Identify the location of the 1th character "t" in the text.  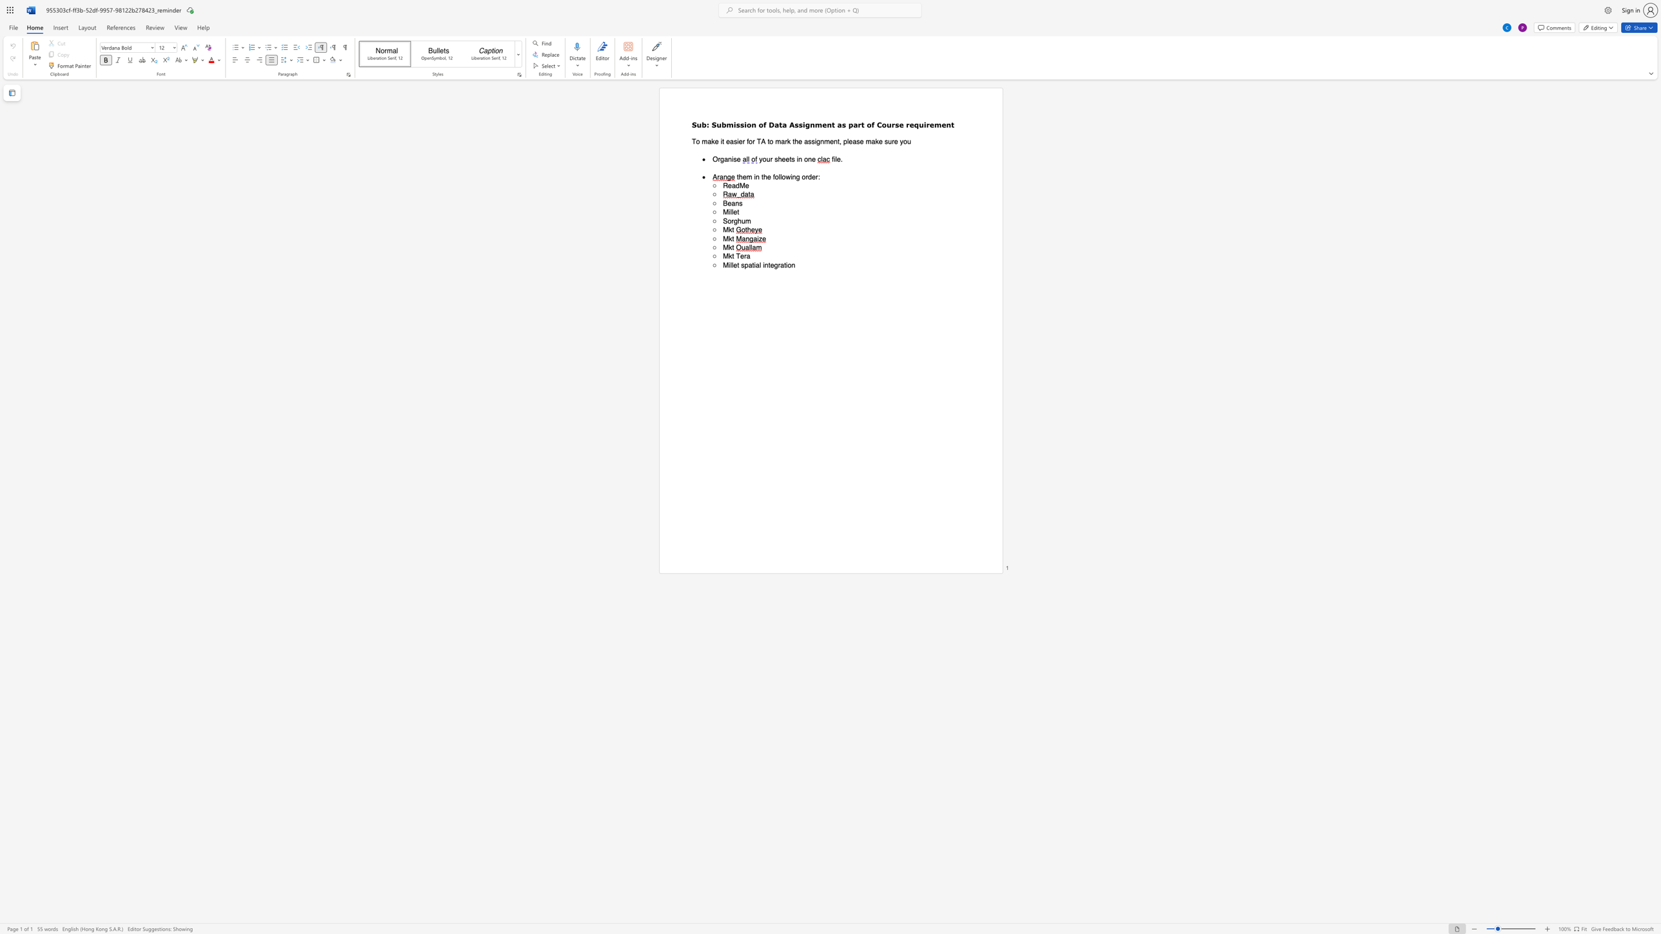
(738, 264).